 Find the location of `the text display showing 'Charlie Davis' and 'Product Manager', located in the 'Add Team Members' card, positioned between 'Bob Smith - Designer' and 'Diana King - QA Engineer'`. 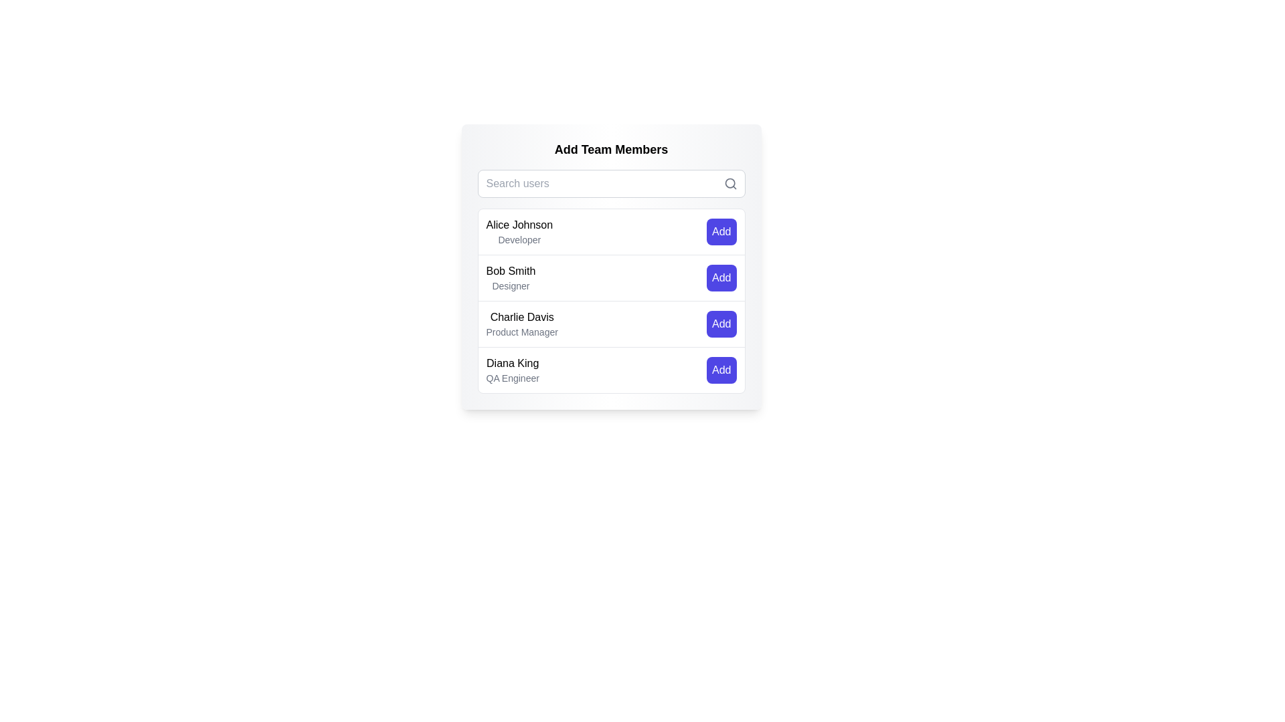

the text display showing 'Charlie Davis' and 'Product Manager', located in the 'Add Team Members' card, positioned between 'Bob Smith - Designer' and 'Diana King - QA Engineer' is located at coordinates (521, 324).